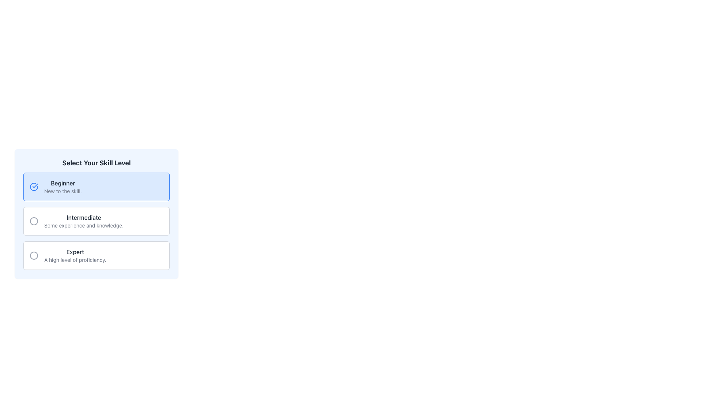 This screenshot has width=702, height=395. Describe the element at coordinates (96, 163) in the screenshot. I see `the bold and large text heading that states 'Select Your Skill Level', which is located at the top of the card interface` at that location.